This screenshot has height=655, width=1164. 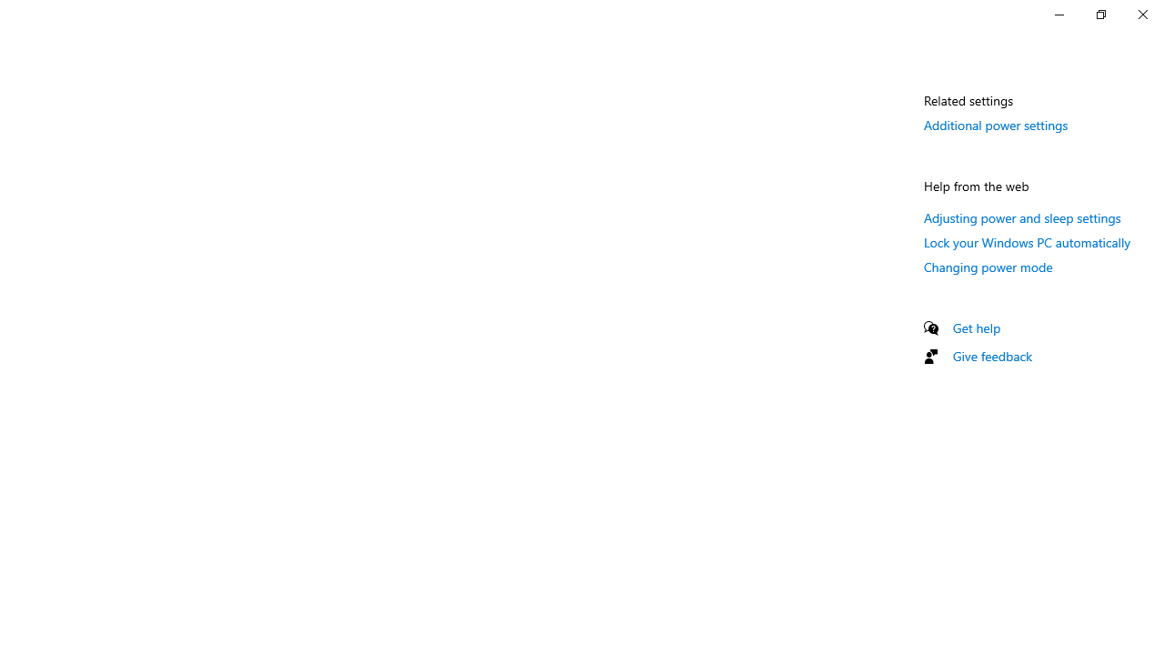 I want to click on 'Give feedback', so click(x=991, y=356).